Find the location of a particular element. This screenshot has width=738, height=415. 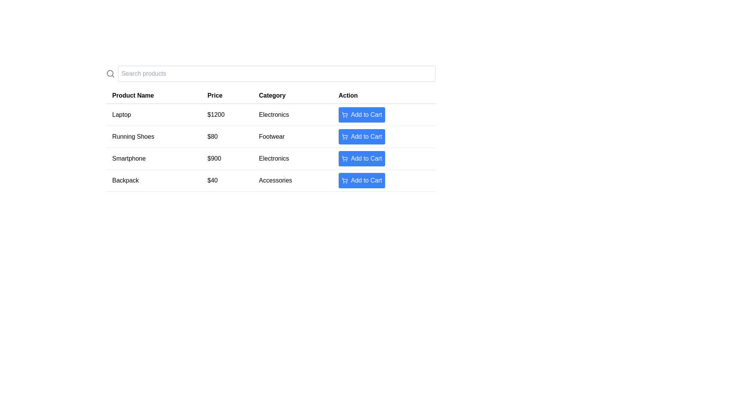

the blue 'Add to Cart' button with white text and a shopping cart icon, located in the second row of the table's 'Action' column, aligned with 'Footwear' and priced at '$80' is located at coordinates (384, 136).